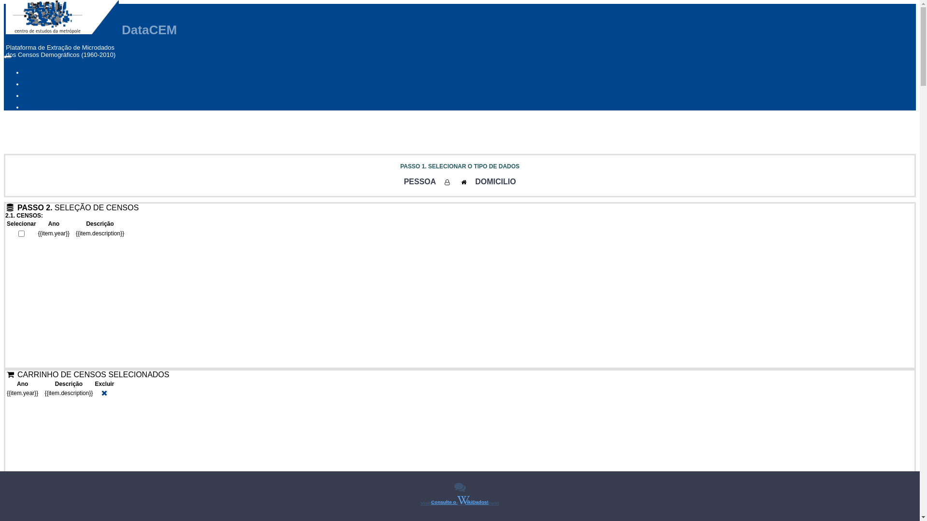 Image resolution: width=927 pixels, height=521 pixels. Describe the element at coordinates (23, 5) in the screenshot. I see `'Gerar arquivo'` at that location.